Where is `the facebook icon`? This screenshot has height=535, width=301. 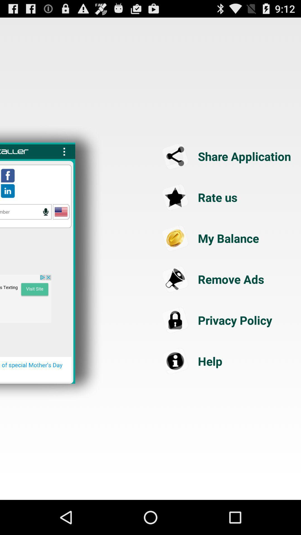 the facebook icon is located at coordinates (8, 188).